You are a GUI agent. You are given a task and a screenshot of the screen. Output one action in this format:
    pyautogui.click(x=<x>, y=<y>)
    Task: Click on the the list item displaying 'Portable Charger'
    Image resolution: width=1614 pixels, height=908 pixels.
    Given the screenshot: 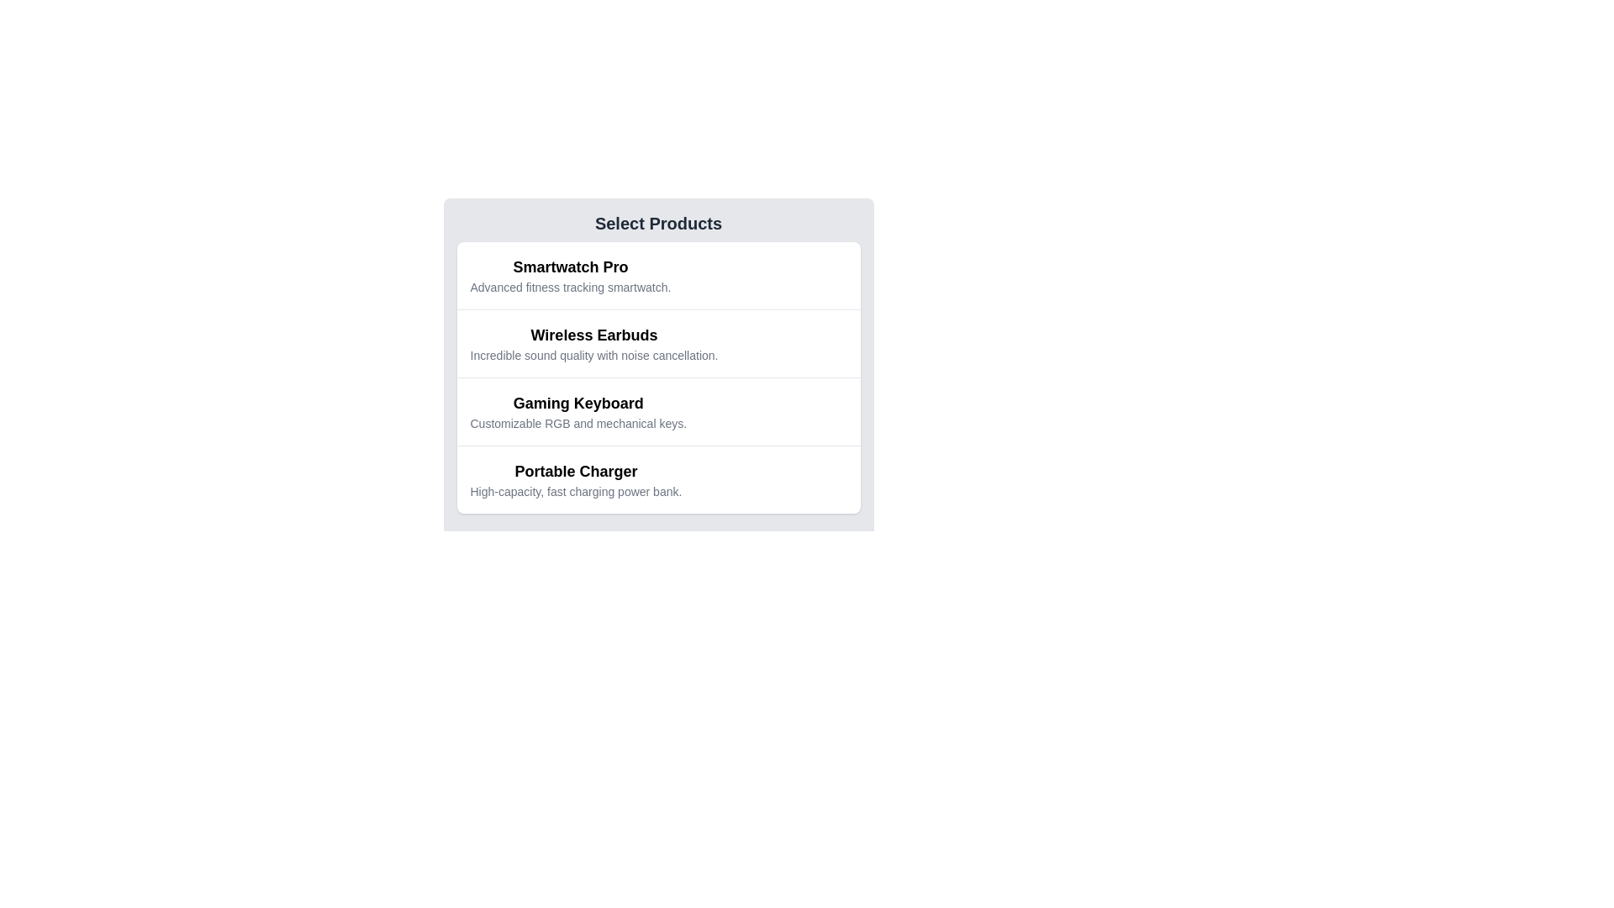 What is the action you would take?
    pyautogui.click(x=576, y=479)
    